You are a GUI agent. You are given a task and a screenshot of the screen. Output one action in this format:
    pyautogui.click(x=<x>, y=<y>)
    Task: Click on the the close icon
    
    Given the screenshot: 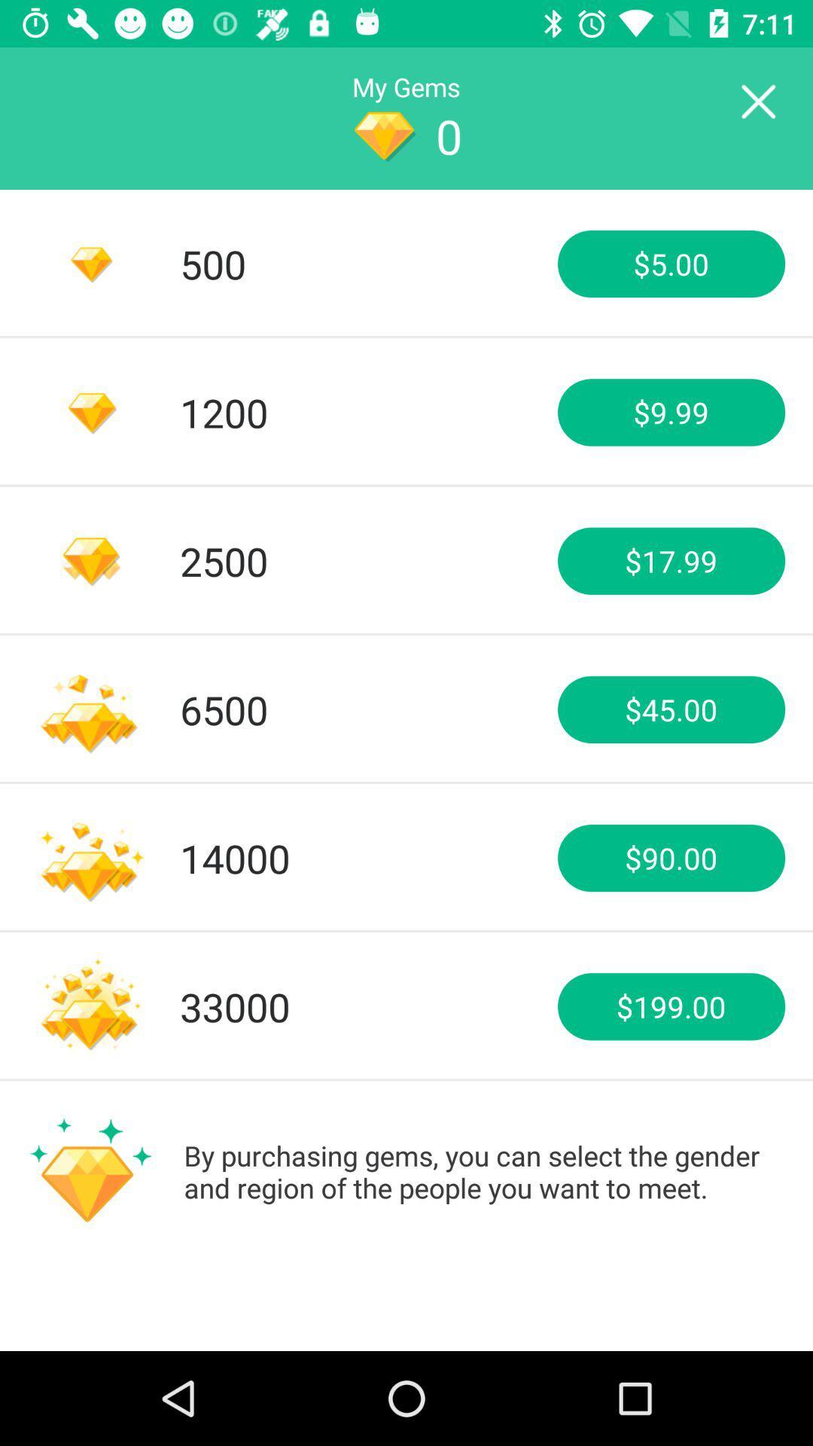 What is the action you would take?
    pyautogui.click(x=757, y=102)
    